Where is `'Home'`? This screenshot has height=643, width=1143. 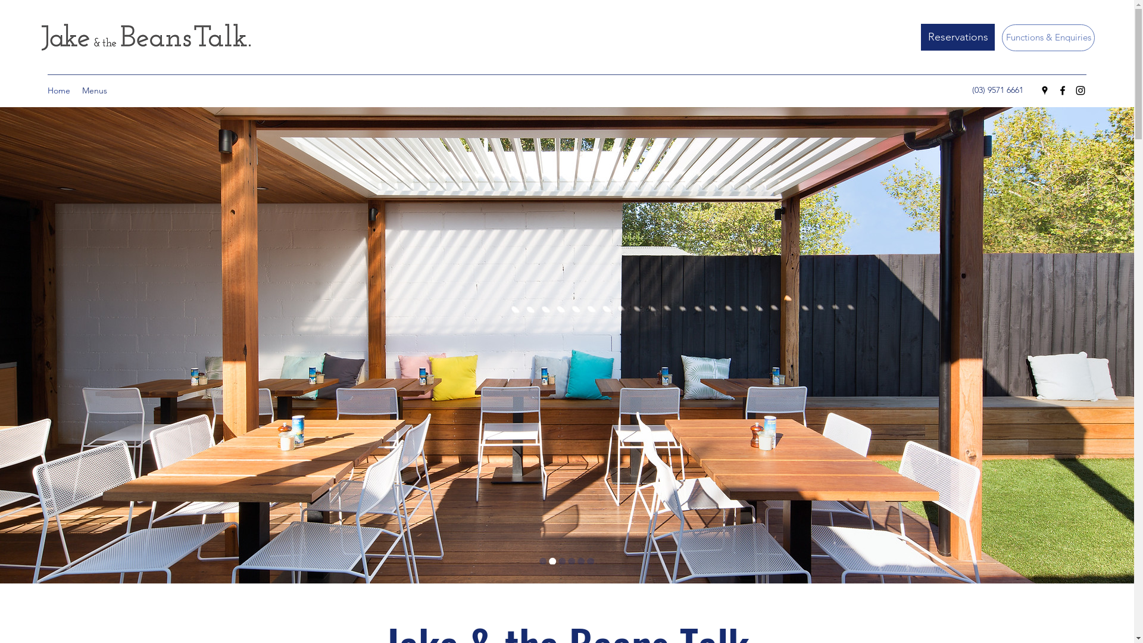 'Home' is located at coordinates (58, 89).